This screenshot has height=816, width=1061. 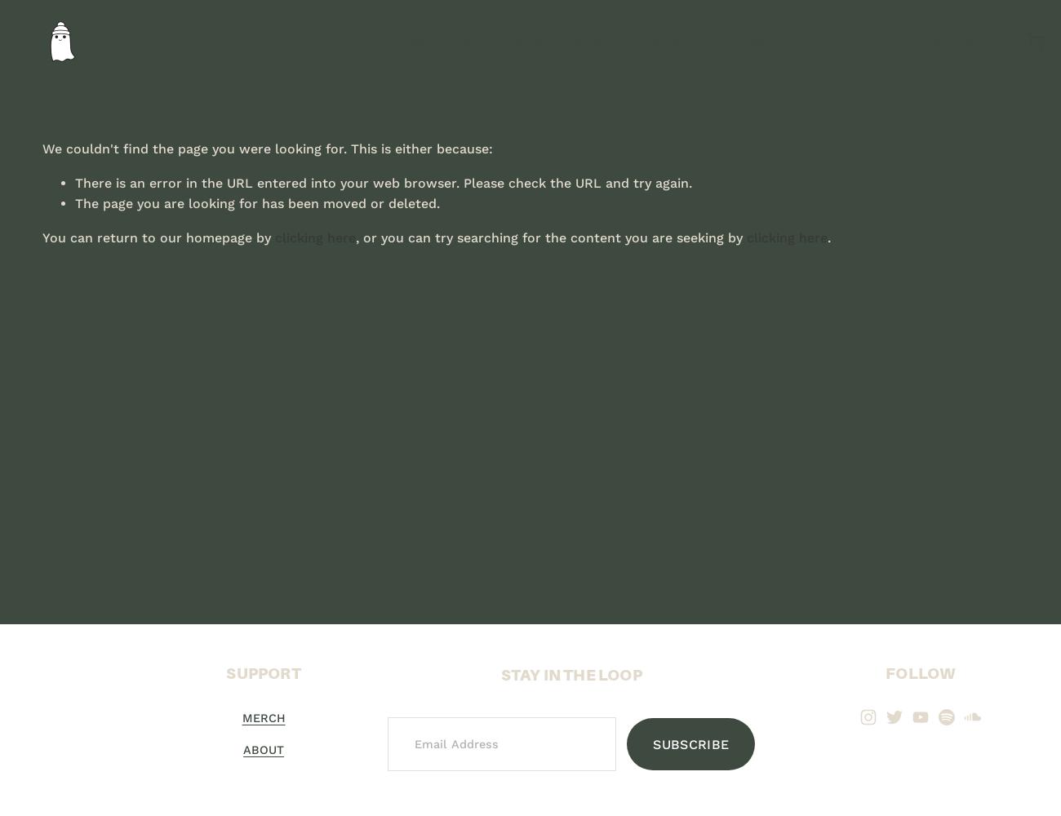 I want to click on 'You can return to our homepage by', so click(x=42, y=237).